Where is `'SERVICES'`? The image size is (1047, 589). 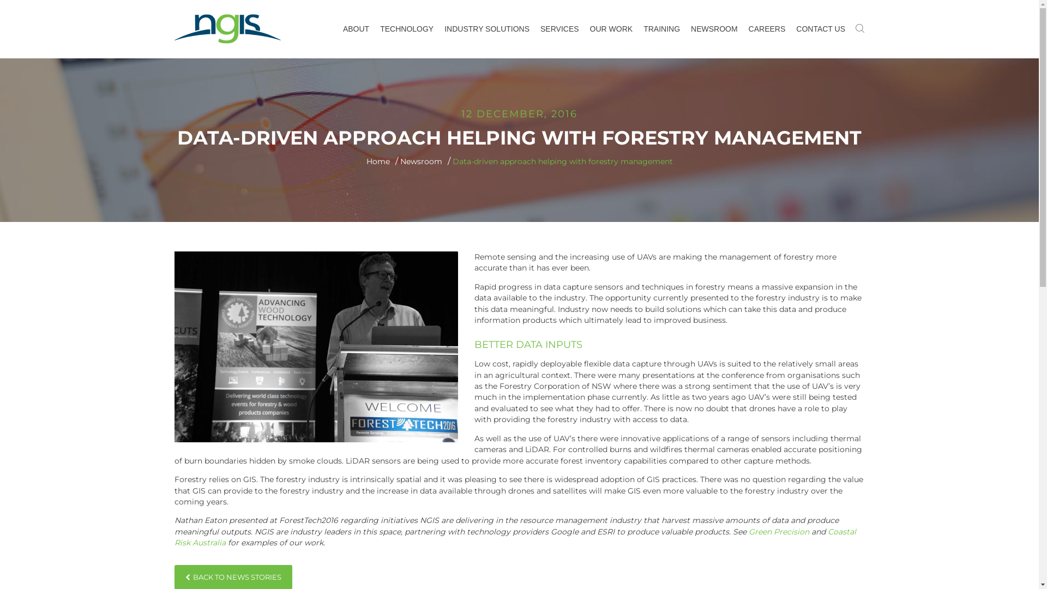
'SERVICES' is located at coordinates (559, 28).